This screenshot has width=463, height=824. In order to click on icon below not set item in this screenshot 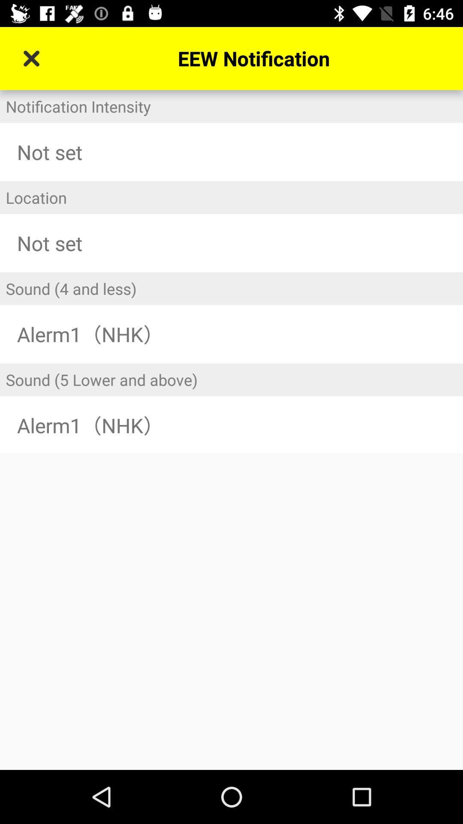, I will do `click(231, 197)`.